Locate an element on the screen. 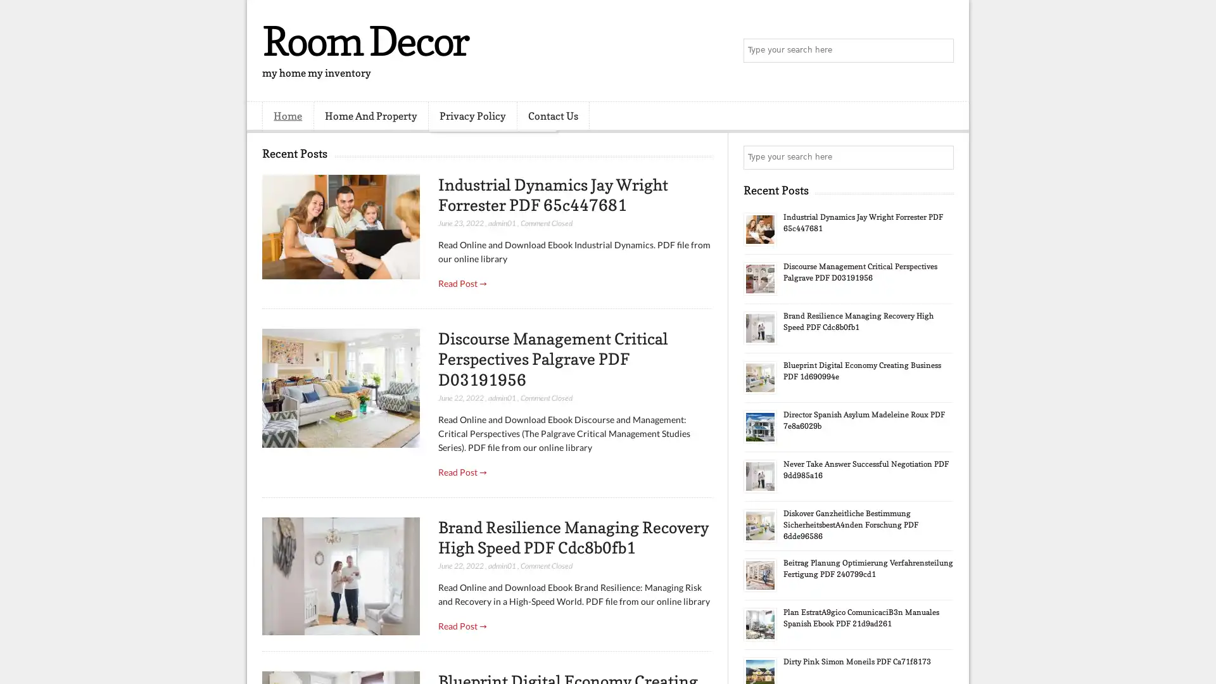 This screenshot has width=1216, height=684. Search is located at coordinates (940, 51).